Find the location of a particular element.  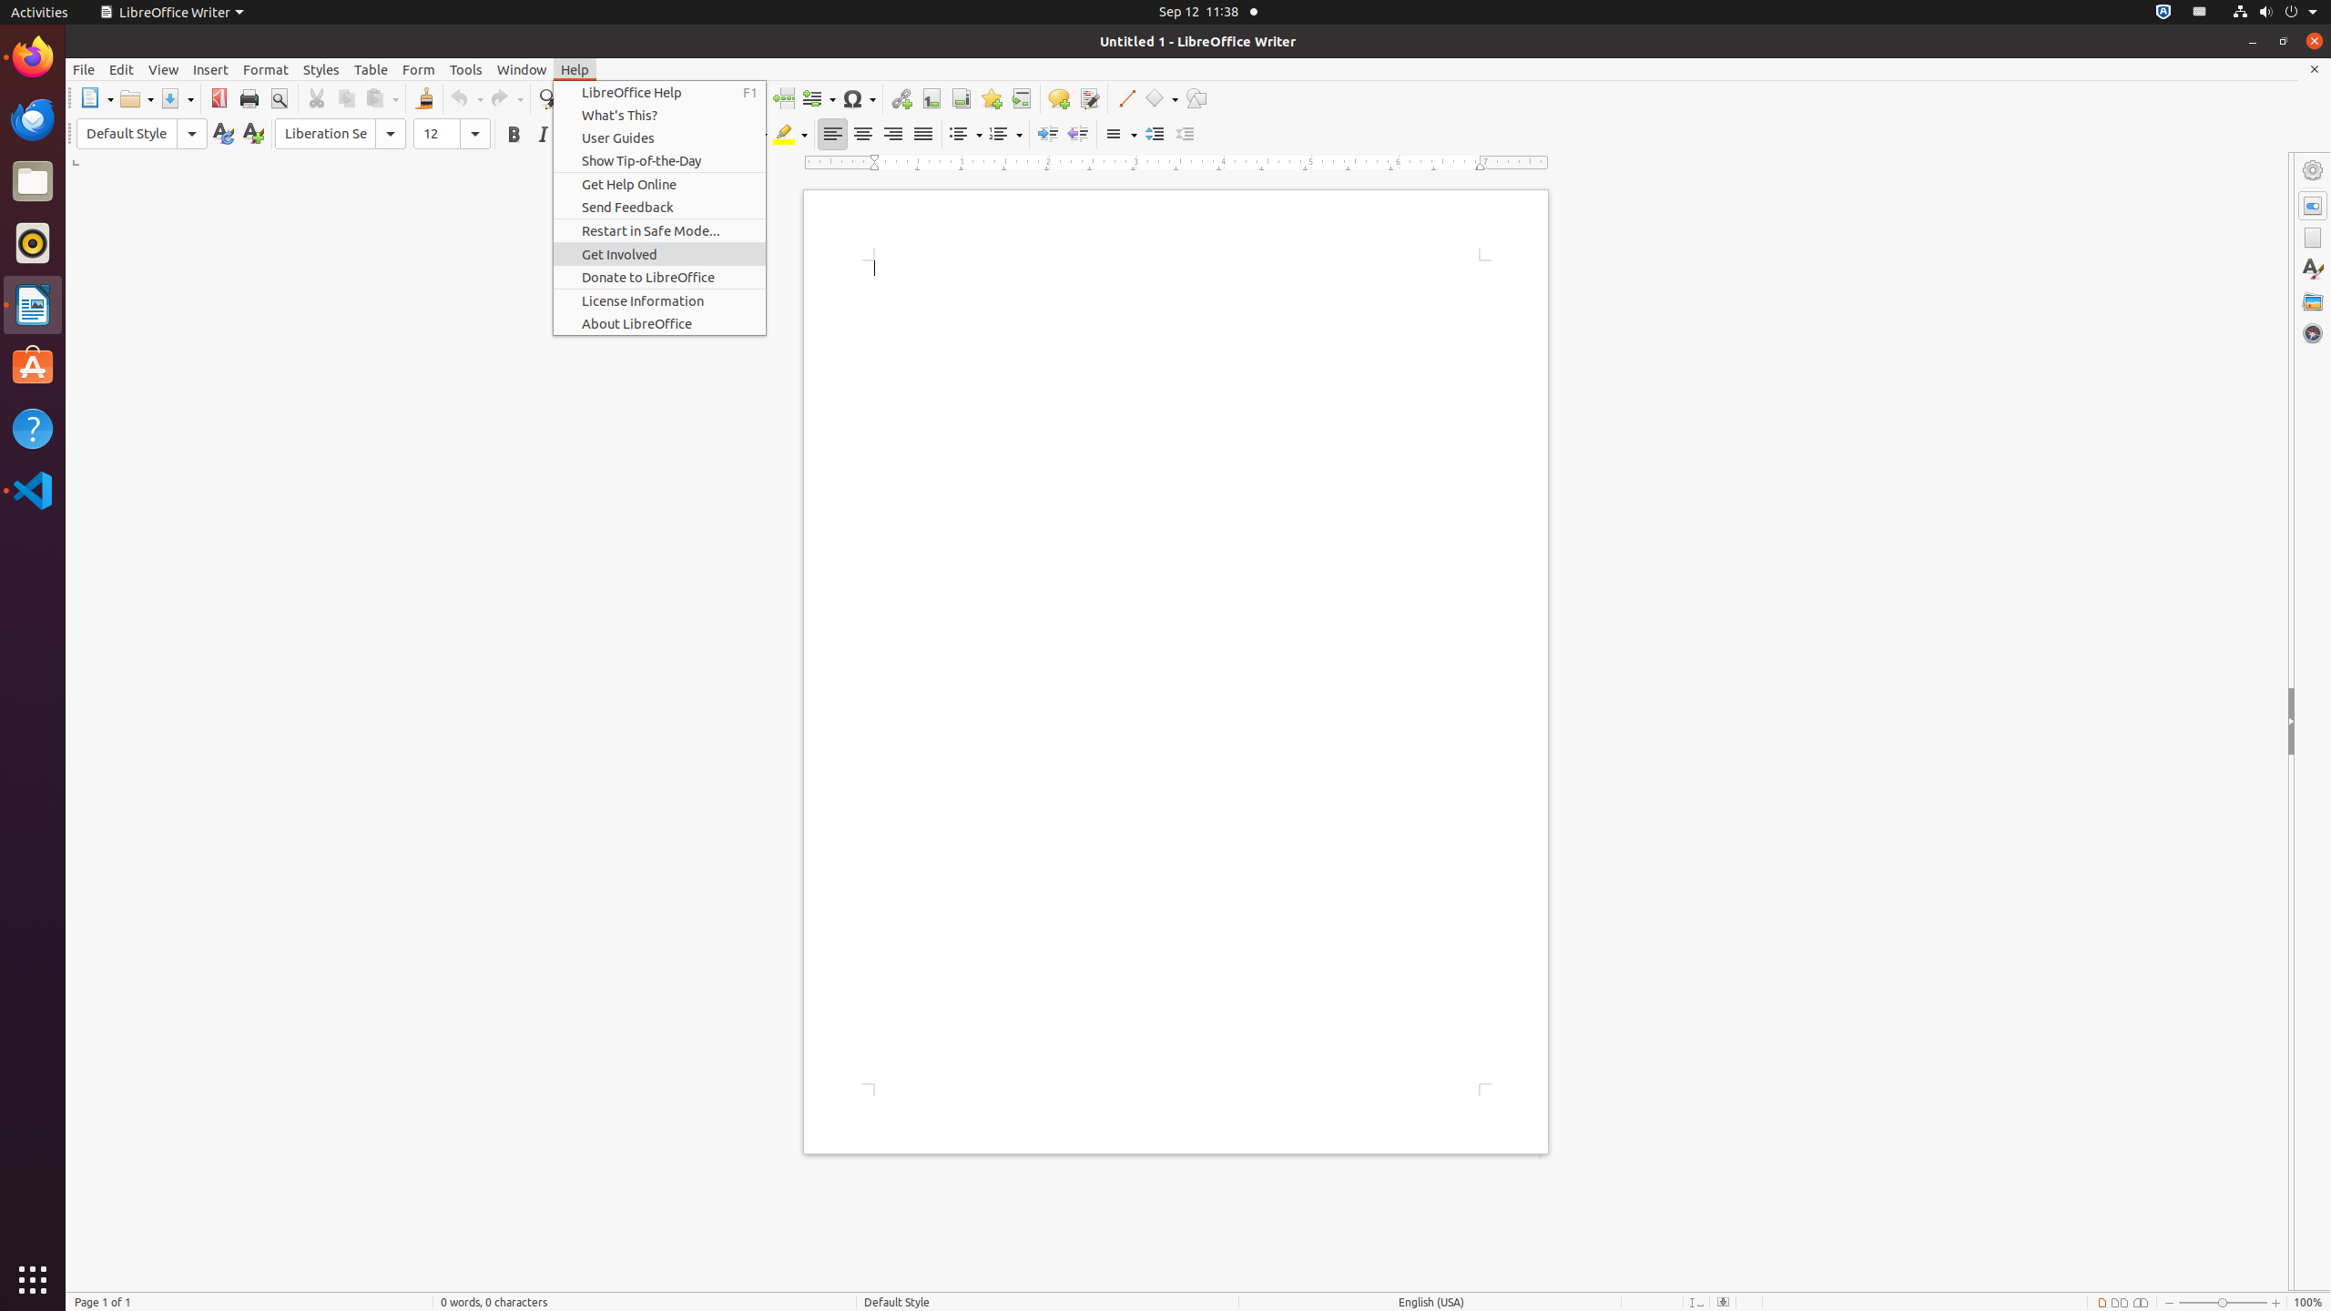

'LibreOffice Writer' is located at coordinates (170, 11).